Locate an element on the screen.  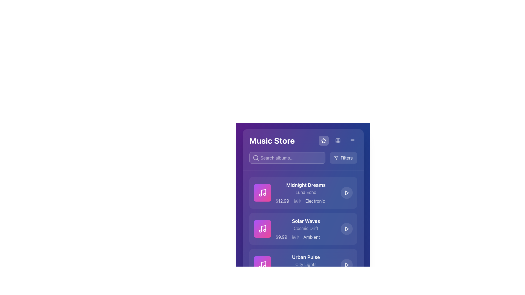
the Play button located to the right of the song titled 'Urban Pulse' is located at coordinates (346, 264).